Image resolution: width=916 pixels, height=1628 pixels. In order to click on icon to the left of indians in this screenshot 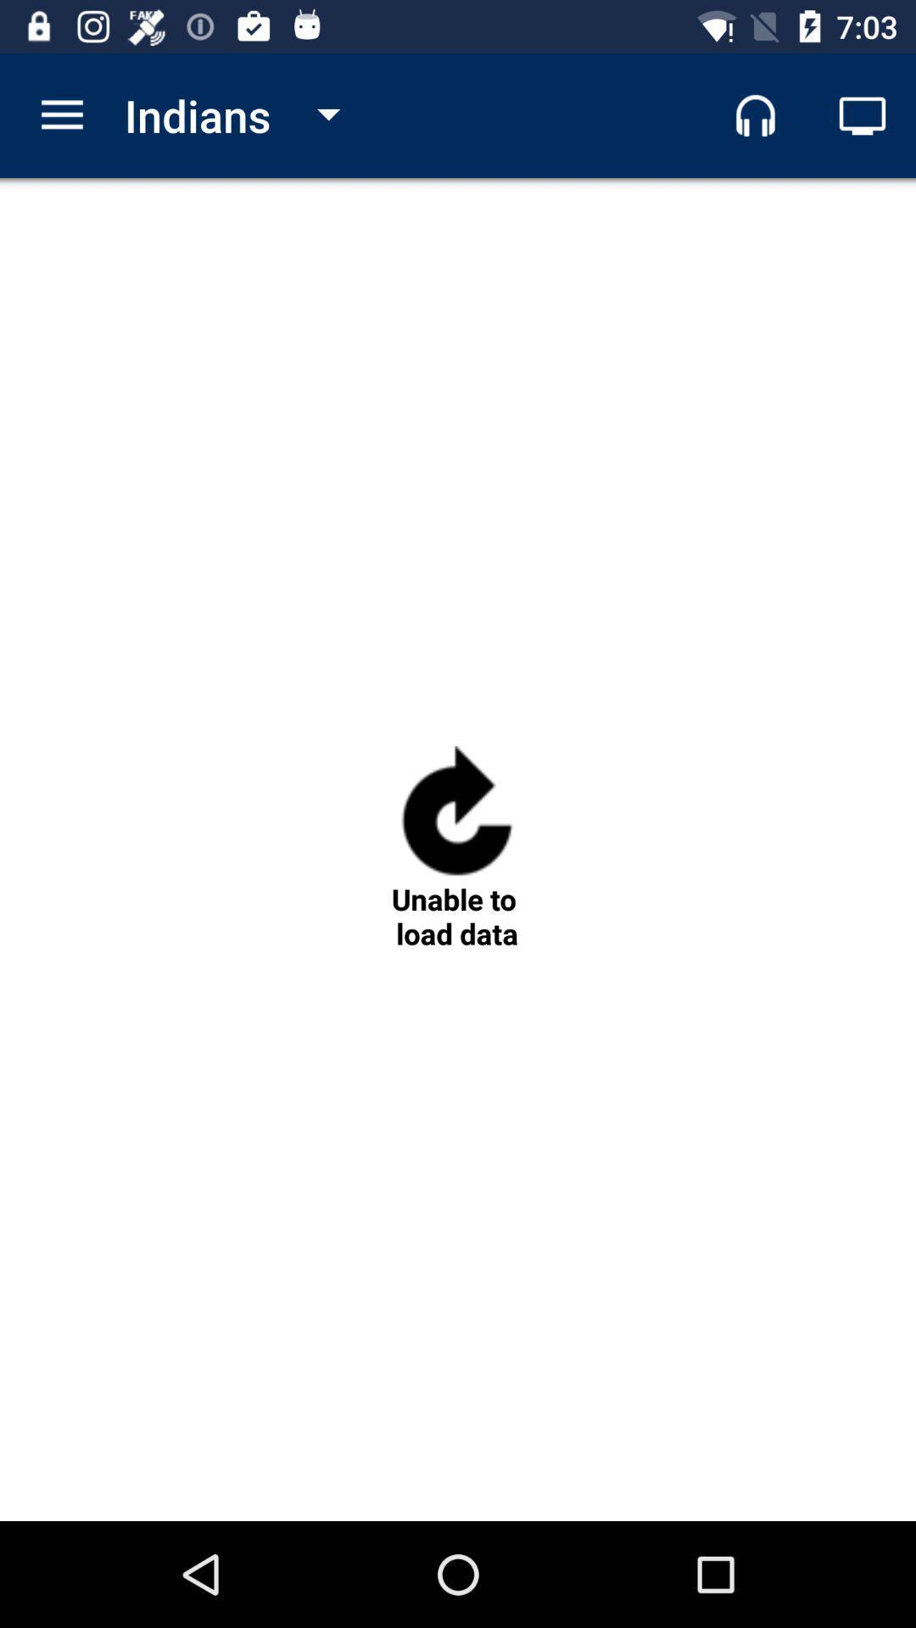, I will do `click(61, 114)`.